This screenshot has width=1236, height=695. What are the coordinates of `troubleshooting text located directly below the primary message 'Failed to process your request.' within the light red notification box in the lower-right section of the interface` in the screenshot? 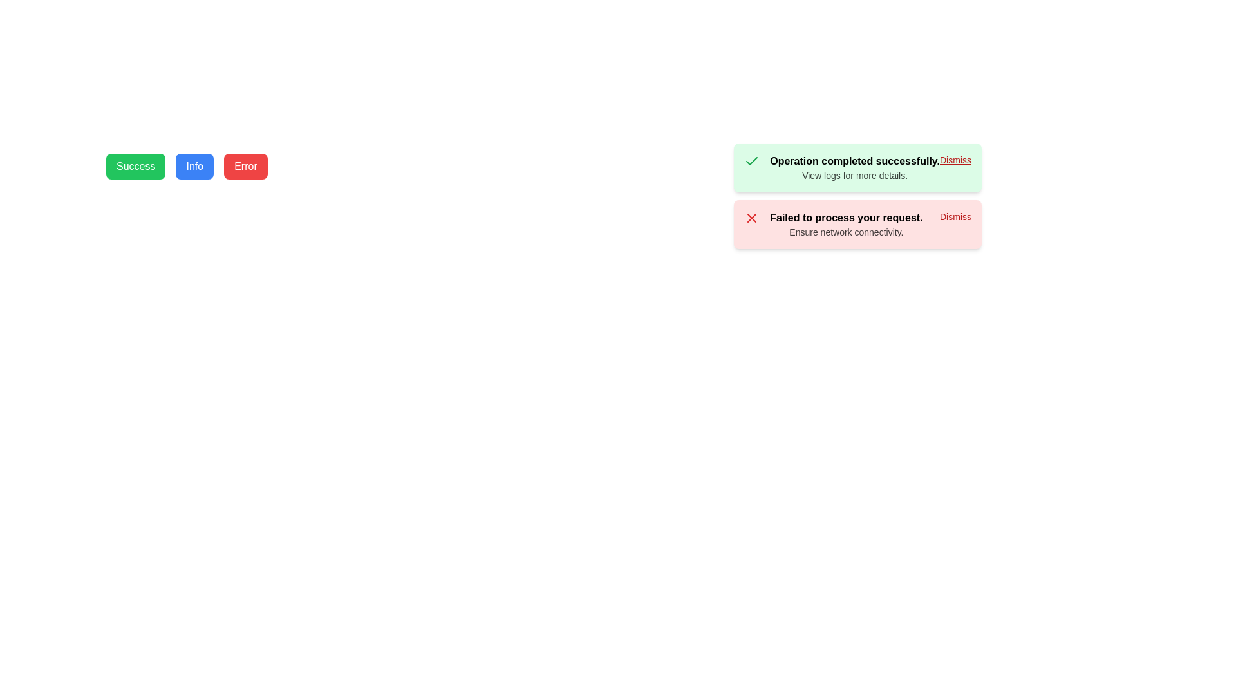 It's located at (847, 232).